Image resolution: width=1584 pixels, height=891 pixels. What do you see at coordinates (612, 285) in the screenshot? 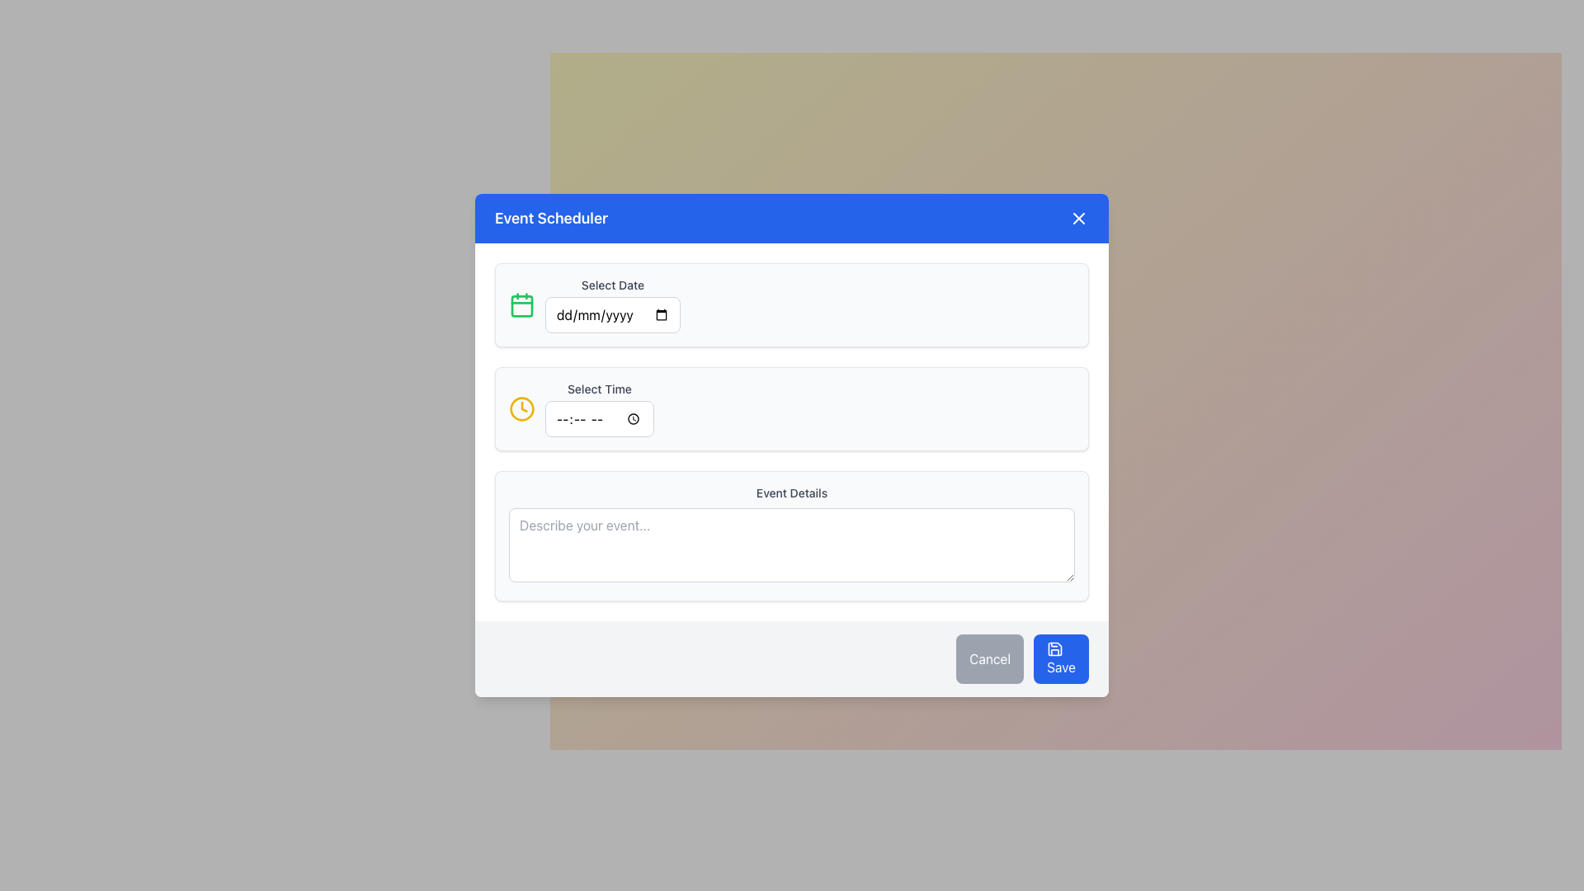
I see `the text label indicating the date input field in the 'Event Scheduler' dialog, located near the top-left corner and directly above the date input field` at bounding box center [612, 285].